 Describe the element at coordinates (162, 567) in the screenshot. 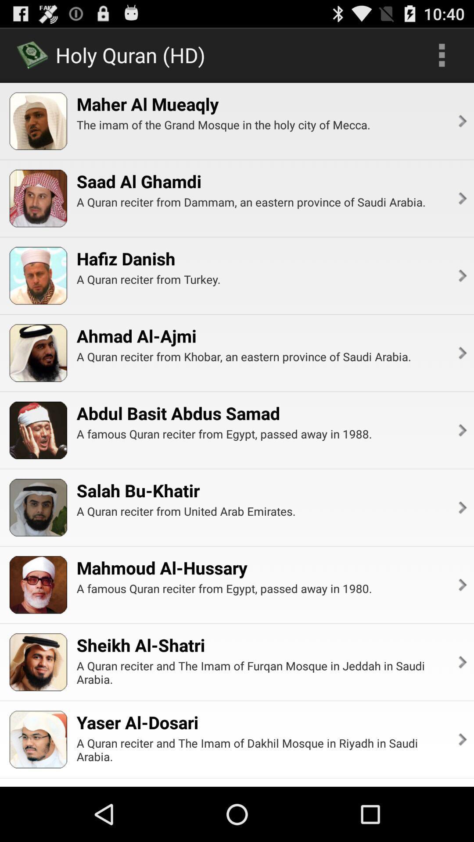

I see `the app below a quran reciter icon` at that location.